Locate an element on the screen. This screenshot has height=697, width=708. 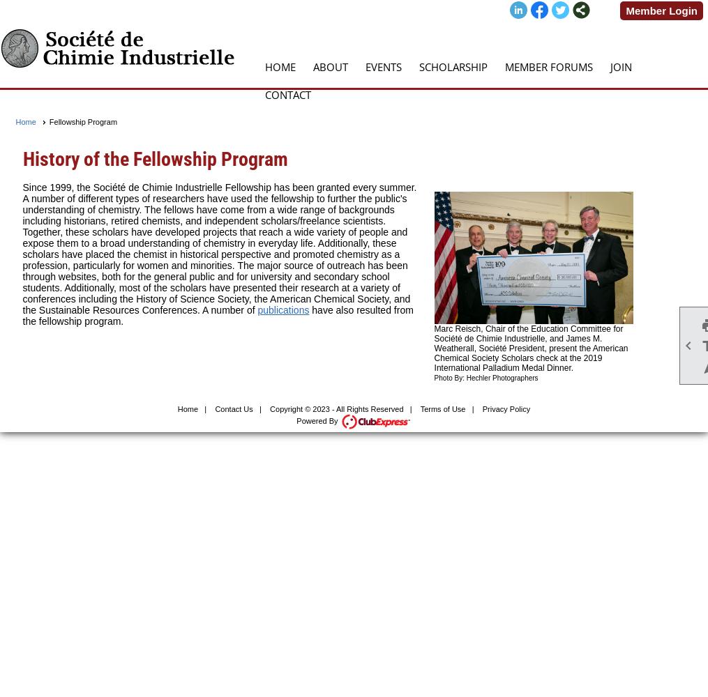
'have also resulted from the fellowship program.' is located at coordinates (217, 315).